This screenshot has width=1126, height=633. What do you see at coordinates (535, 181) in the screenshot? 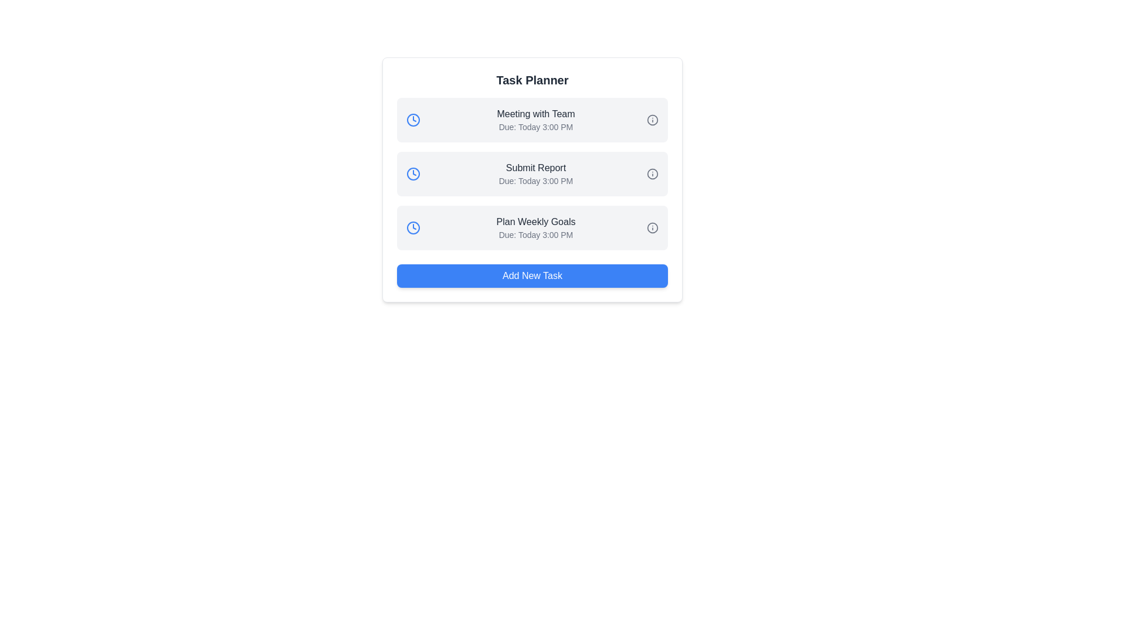
I see `the static text label reading 'Due: Today 3:00 PM', which is located directly below the 'Submit Report' heading in the second task panel` at bounding box center [535, 181].